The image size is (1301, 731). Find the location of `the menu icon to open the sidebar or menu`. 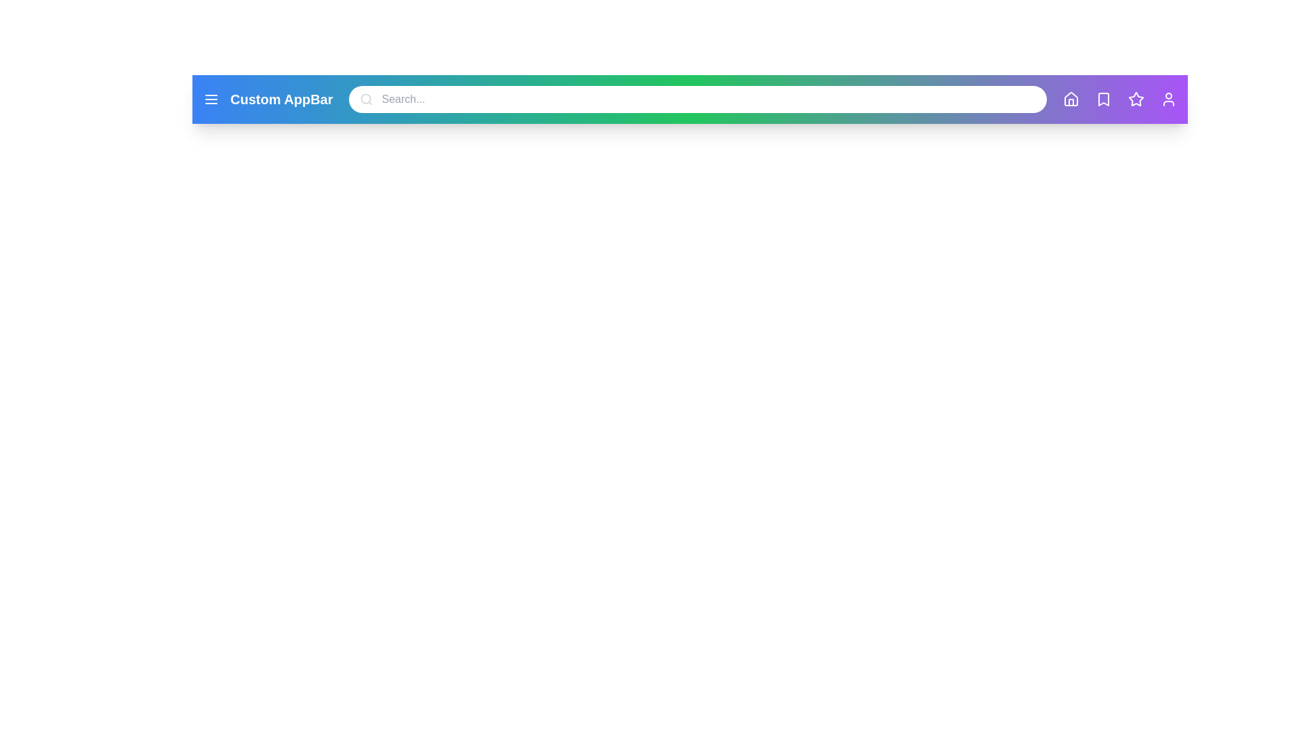

the menu icon to open the sidebar or menu is located at coordinates (211, 98).